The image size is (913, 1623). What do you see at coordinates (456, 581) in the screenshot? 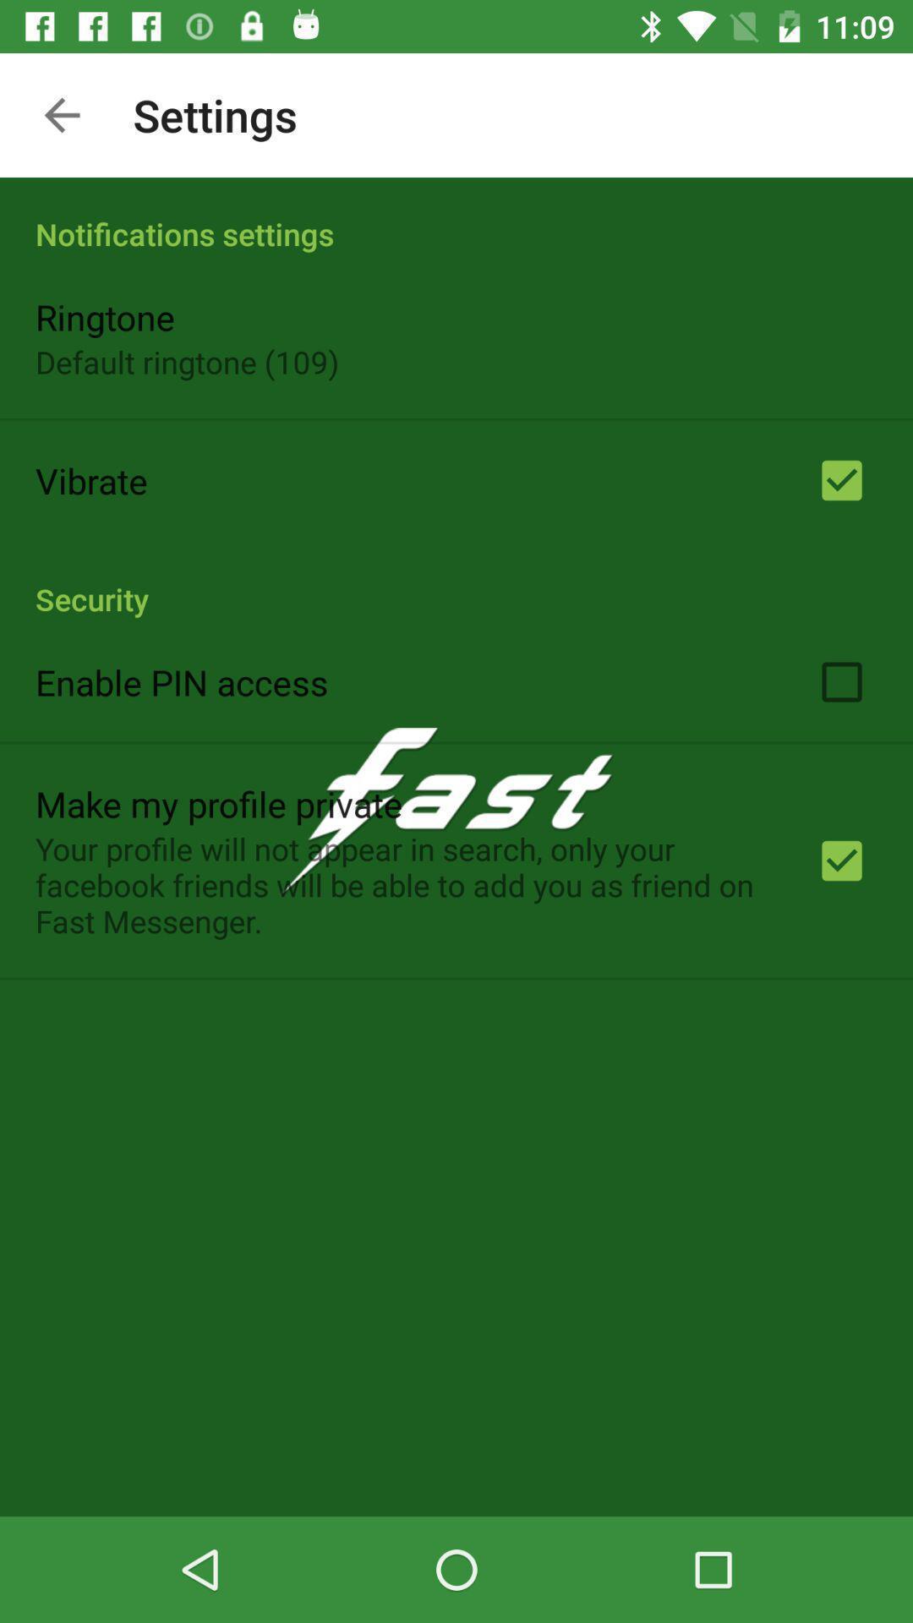
I see `the security app` at bounding box center [456, 581].